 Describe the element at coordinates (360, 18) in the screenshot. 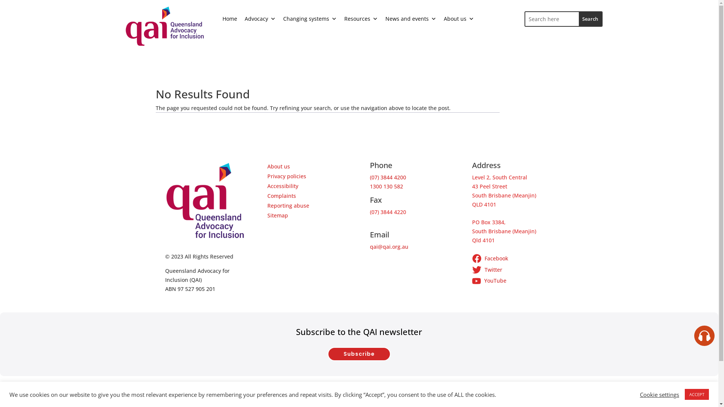

I see `'Resources'` at that location.